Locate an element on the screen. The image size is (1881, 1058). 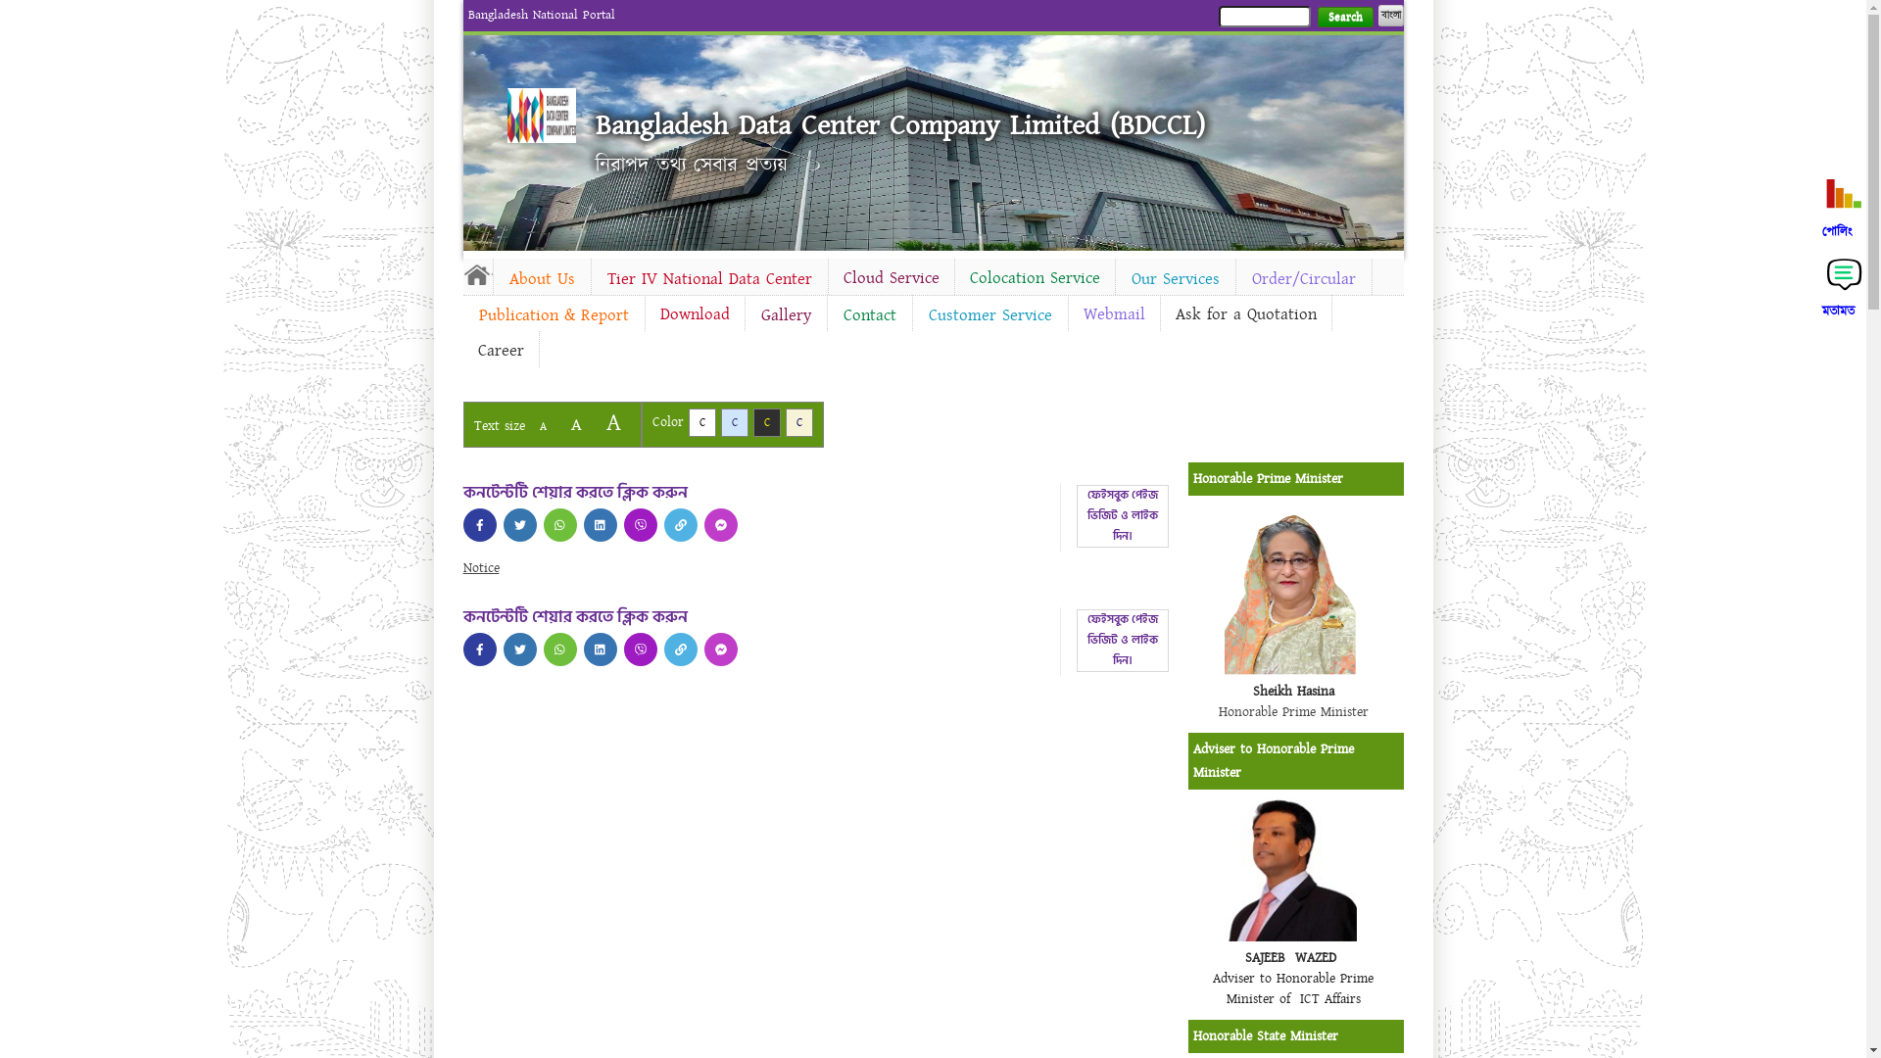
'Customer Service' is located at coordinates (990, 313).